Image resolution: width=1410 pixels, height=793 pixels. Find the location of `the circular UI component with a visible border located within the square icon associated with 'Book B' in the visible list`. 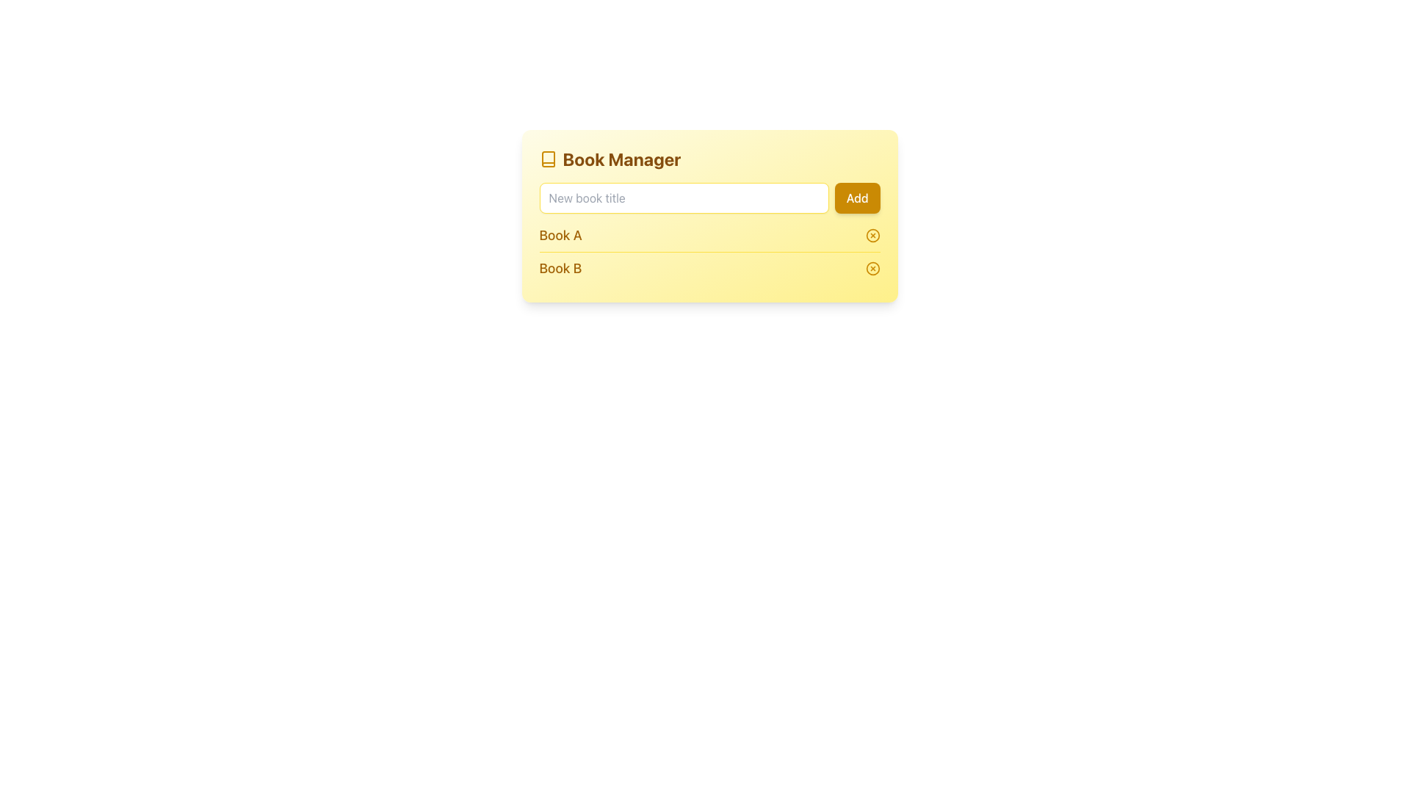

the circular UI component with a visible border located within the square icon associated with 'Book B' in the visible list is located at coordinates (872, 269).